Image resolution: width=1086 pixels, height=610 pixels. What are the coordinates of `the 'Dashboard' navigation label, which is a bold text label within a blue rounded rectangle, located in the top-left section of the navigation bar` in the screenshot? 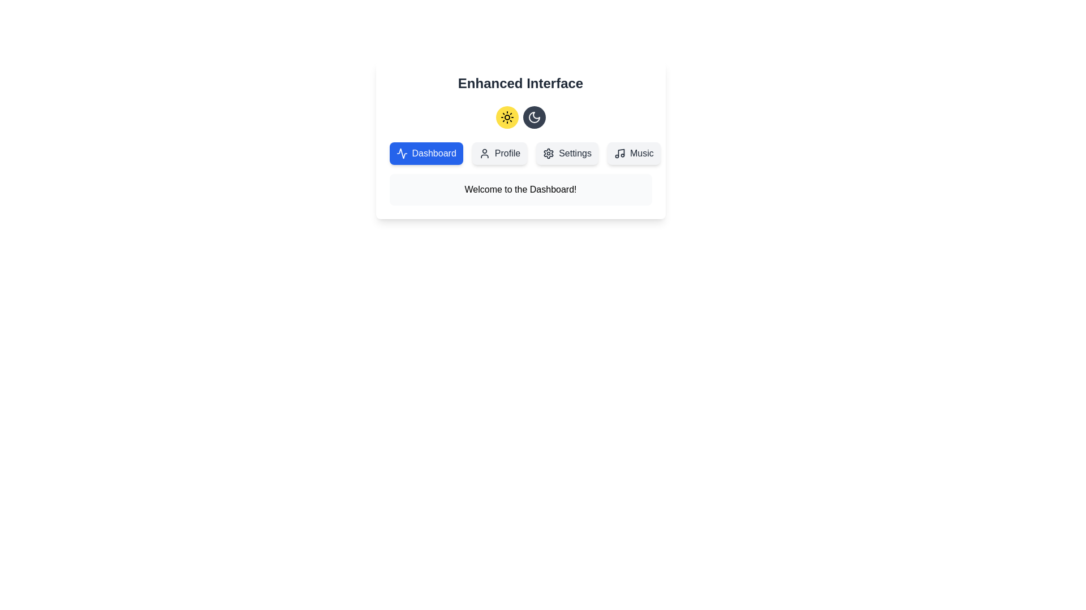 It's located at (433, 154).